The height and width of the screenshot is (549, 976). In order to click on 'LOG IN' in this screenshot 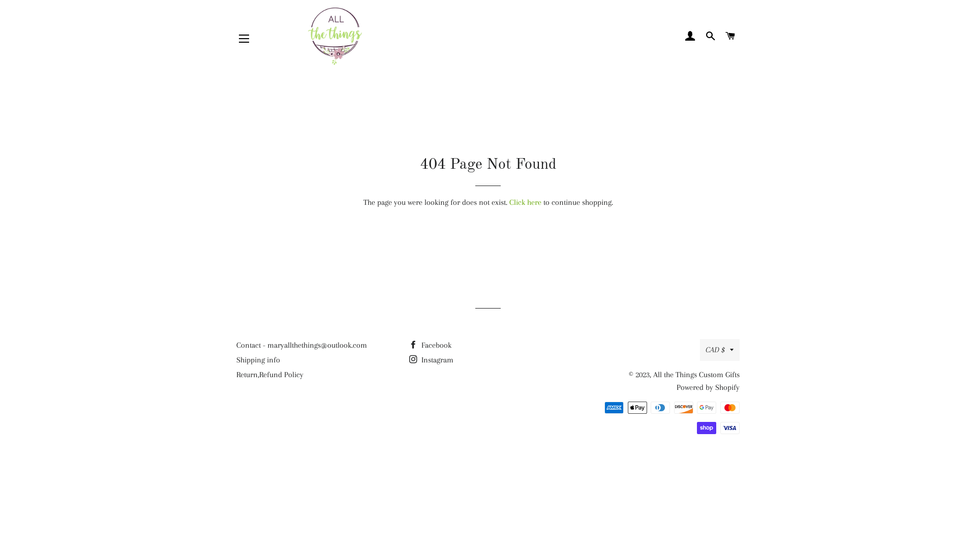, I will do `click(690, 35)`.